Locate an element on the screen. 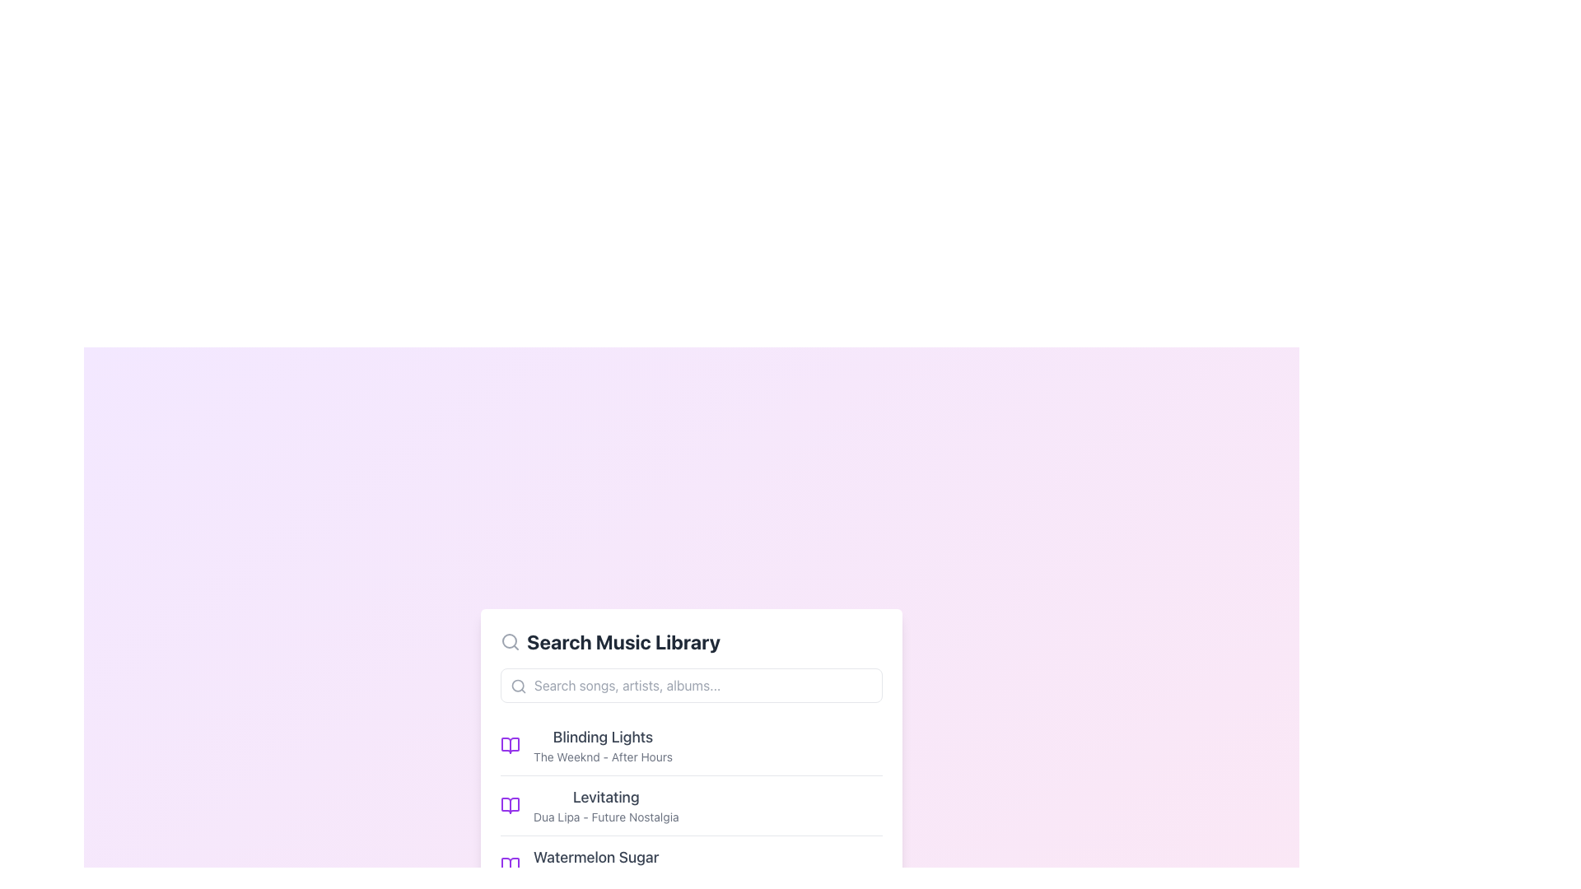  the SVG icon resembling an open book outline, styled in purple, located in the second row under 'Search Music Library', to the left of the text 'Levitating' is located at coordinates (509, 804).